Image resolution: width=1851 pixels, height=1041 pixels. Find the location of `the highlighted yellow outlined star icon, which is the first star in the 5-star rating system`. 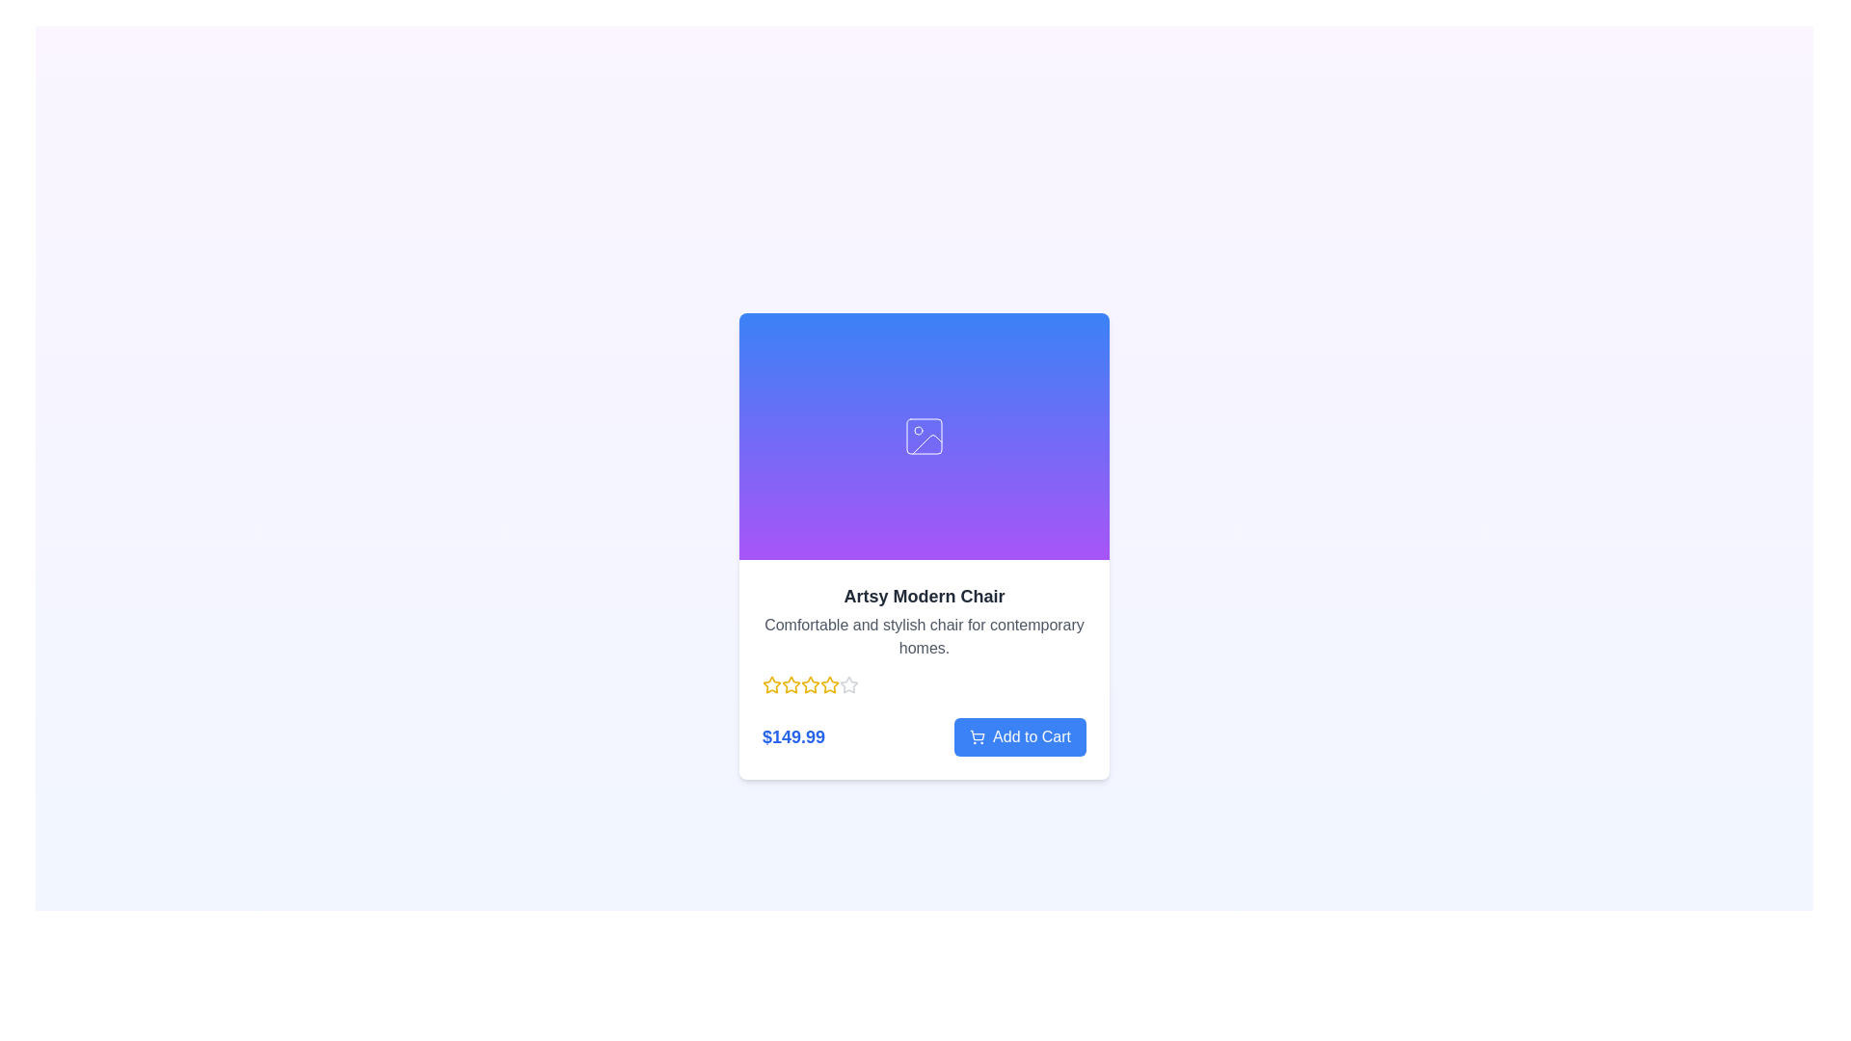

the highlighted yellow outlined star icon, which is the first star in the 5-star rating system is located at coordinates (771, 682).